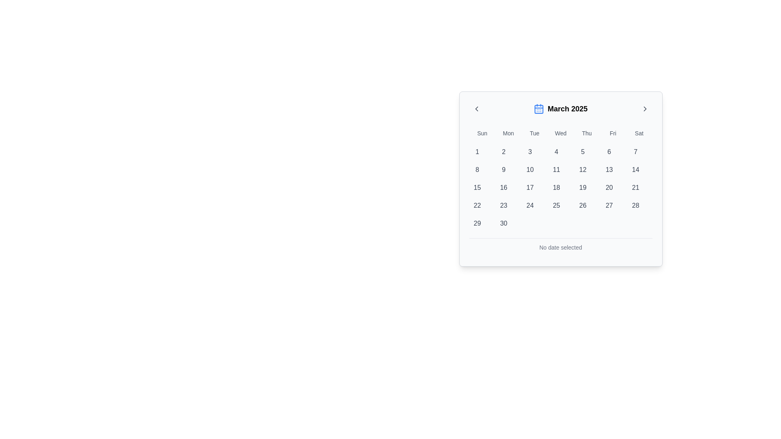 The image size is (781, 439). What do you see at coordinates (644, 108) in the screenshot?
I see `the button with an icon located in the upper-right corner of the calendar interface` at bounding box center [644, 108].